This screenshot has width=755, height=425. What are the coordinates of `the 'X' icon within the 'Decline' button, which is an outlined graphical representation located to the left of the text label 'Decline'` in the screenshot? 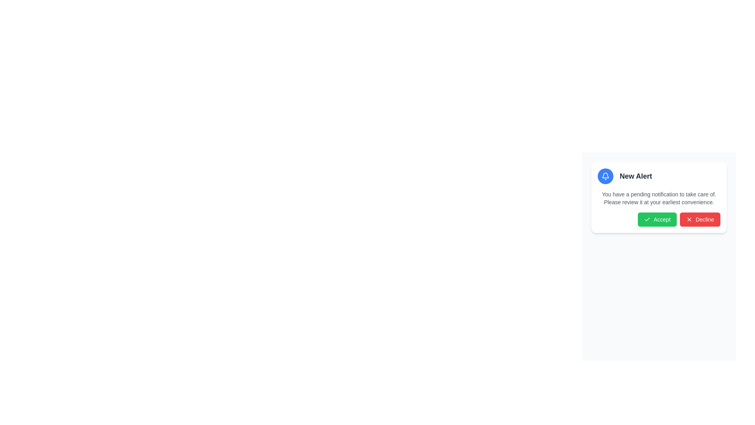 It's located at (689, 220).